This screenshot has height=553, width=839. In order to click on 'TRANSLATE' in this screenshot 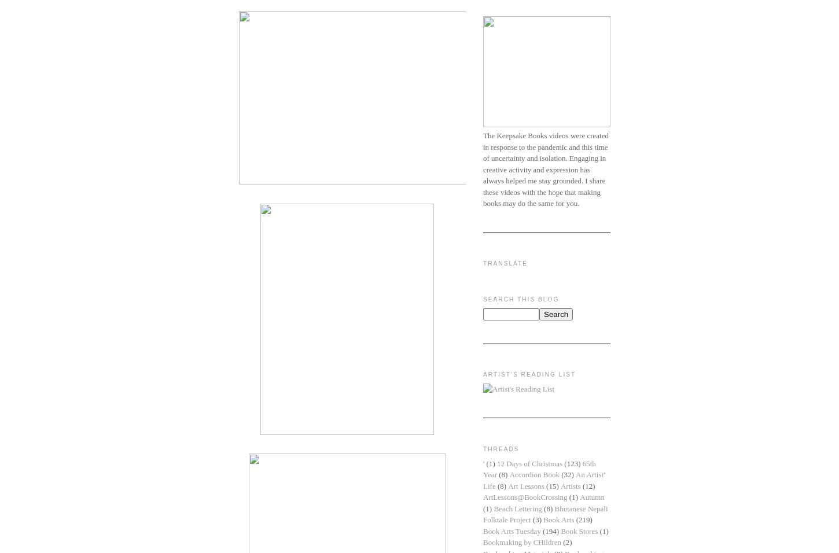, I will do `click(505, 263)`.